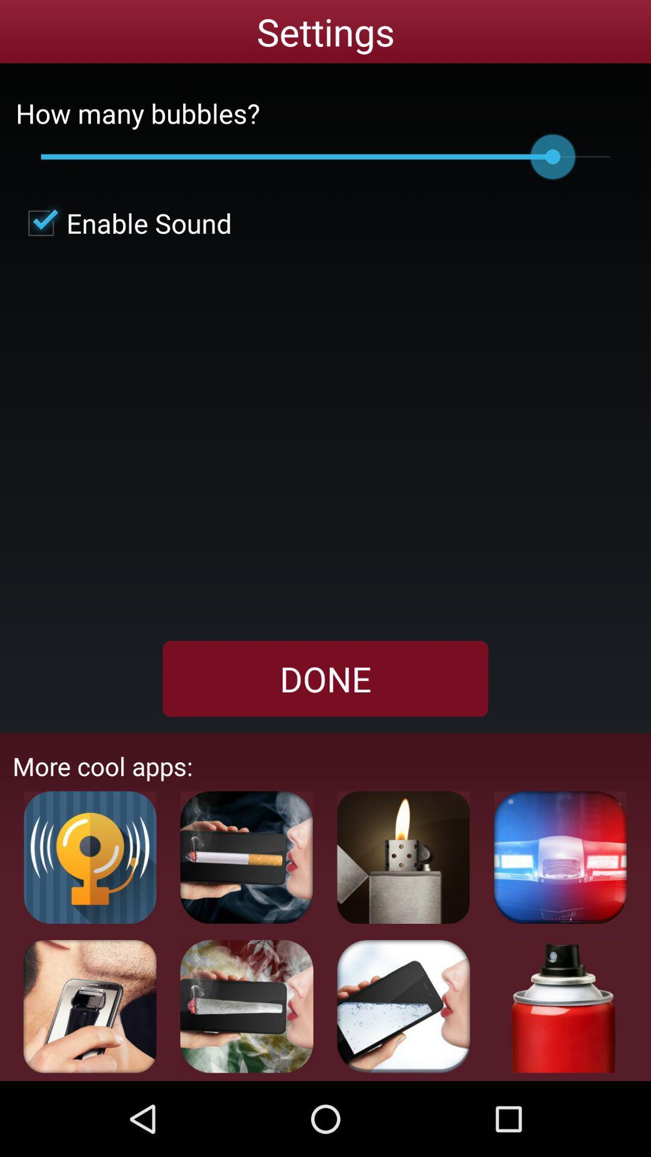  I want to click on the done item, so click(325, 679).